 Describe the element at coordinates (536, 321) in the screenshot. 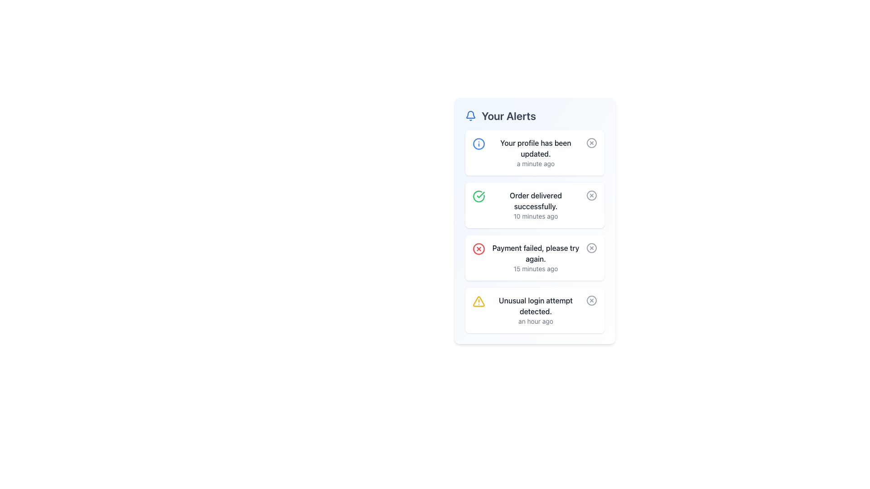

I see `time information displayed as 'an hour ago' located below the bold notification message 'Unusual login attempt detected.'` at that location.